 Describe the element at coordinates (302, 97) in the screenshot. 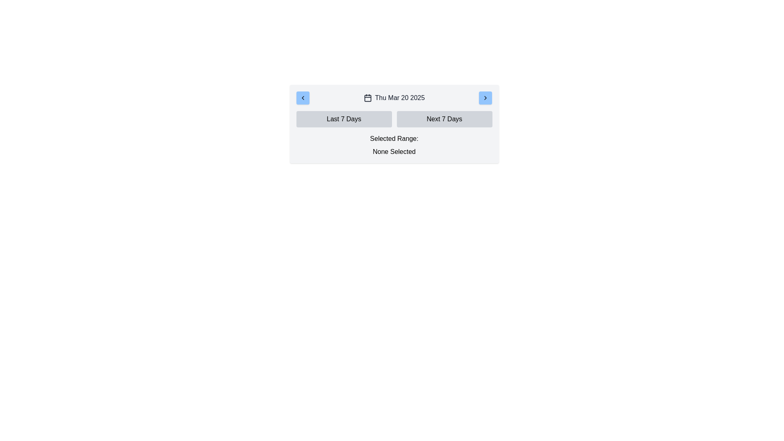

I see `the blue square icon button located in the top-left portion of the modal window` at that location.